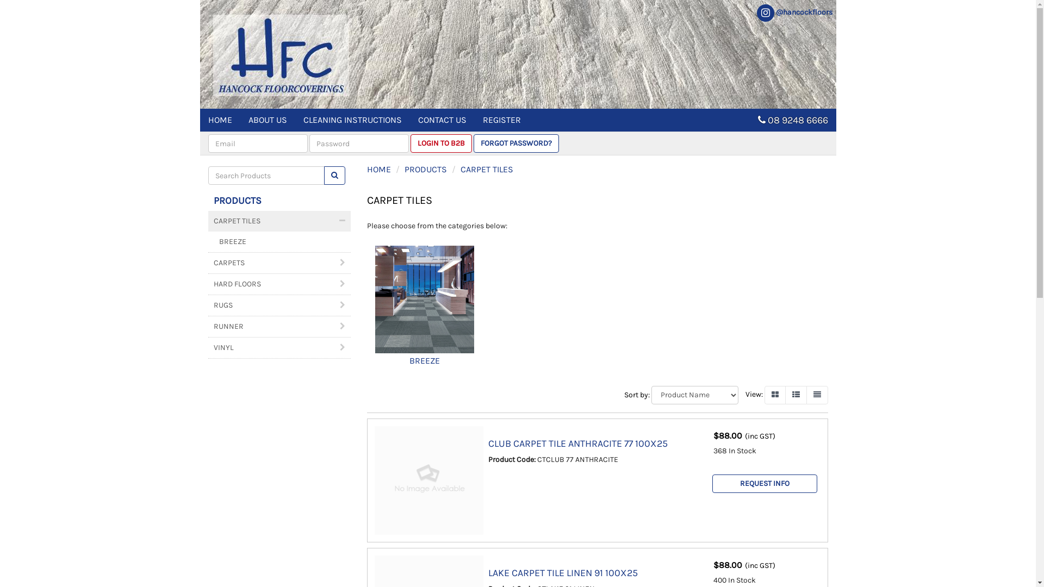  Describe the element at coordinates (279, 284) in the screenshot. I see `'HARD FLOORS'` at that location.